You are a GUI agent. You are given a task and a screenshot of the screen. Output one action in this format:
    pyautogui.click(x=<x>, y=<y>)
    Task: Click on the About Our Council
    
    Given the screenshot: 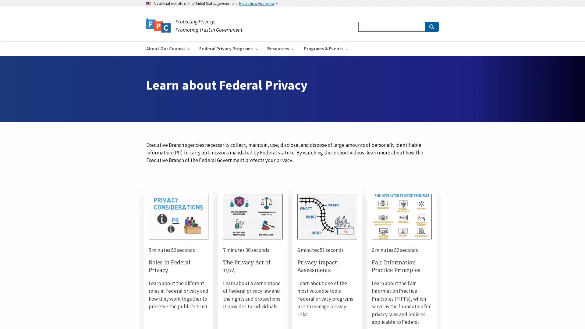 What is the action you would take?
    pyautogui.click(x=168, y=48)
    